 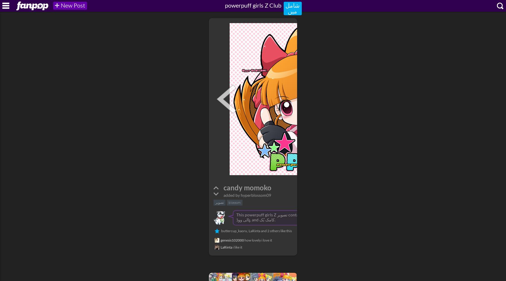 I want to click on 'Explore Fanpop', so click(x=27, y=2).